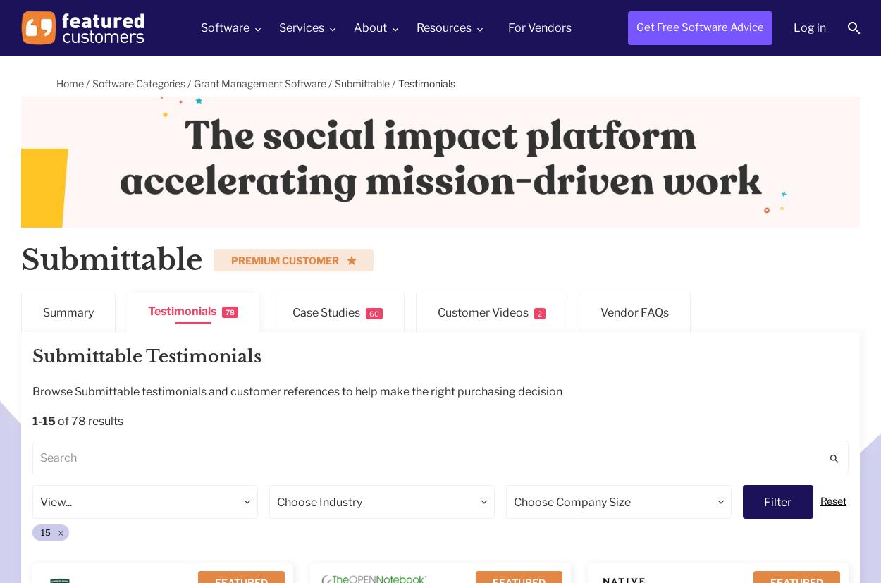 The height and width of the screenshot is (583, 881). I want to click on 'Case Studies', so click(326, 312).